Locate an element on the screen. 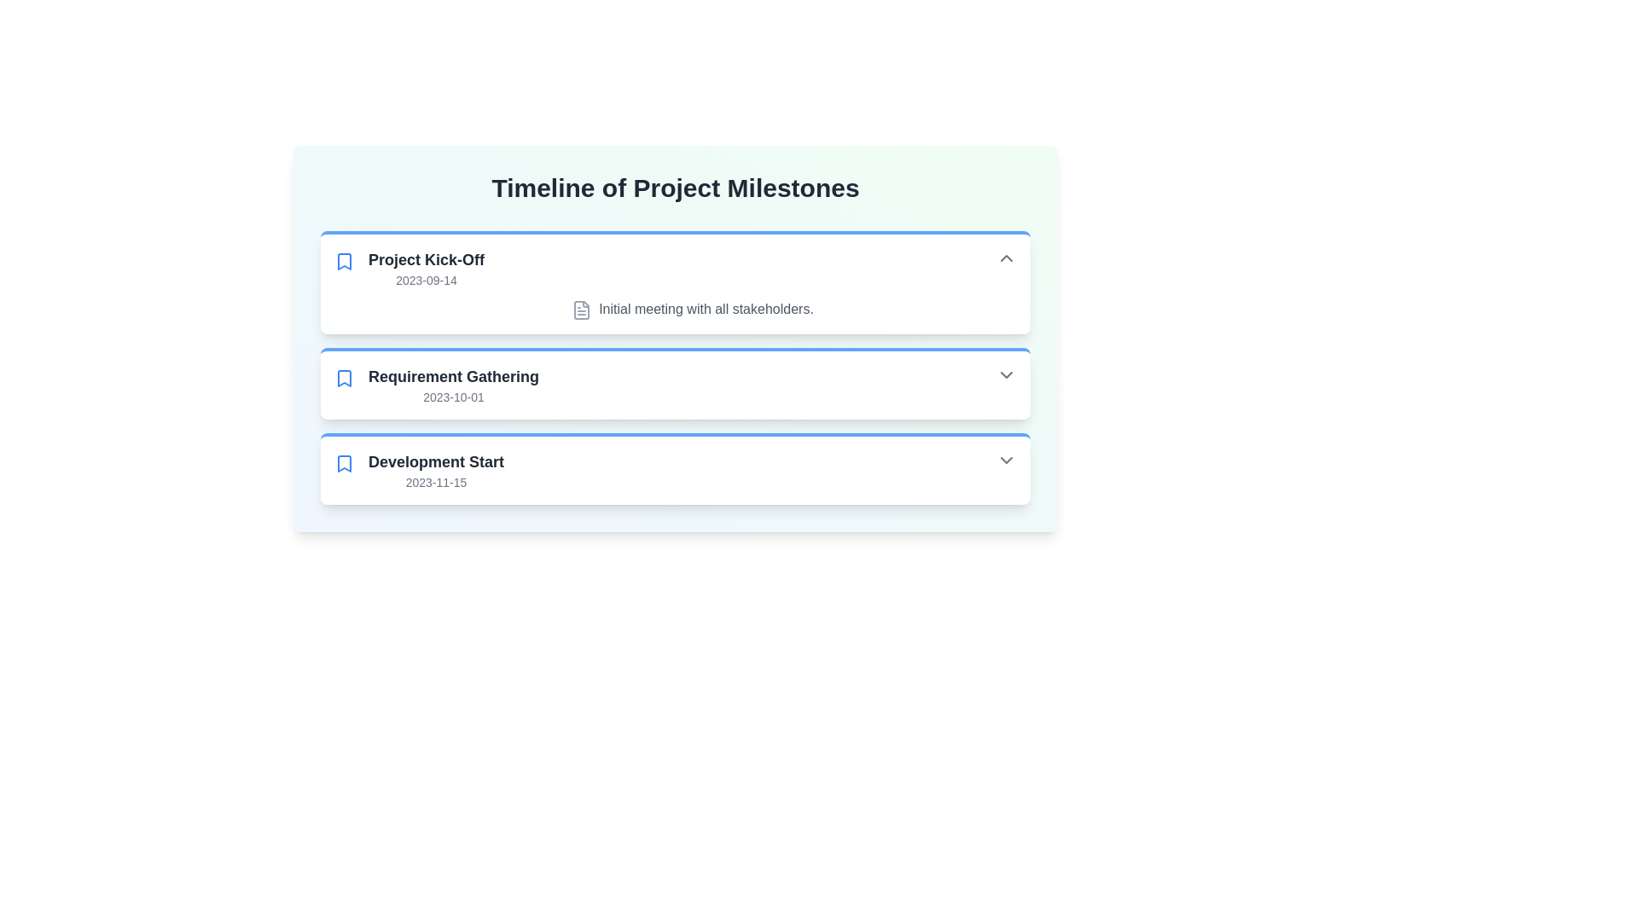 This screenshot has width=1638, height=921. the second card in the project timeline labeled 'Timeline of Project Milestones' is located at coordinates (675, 381).